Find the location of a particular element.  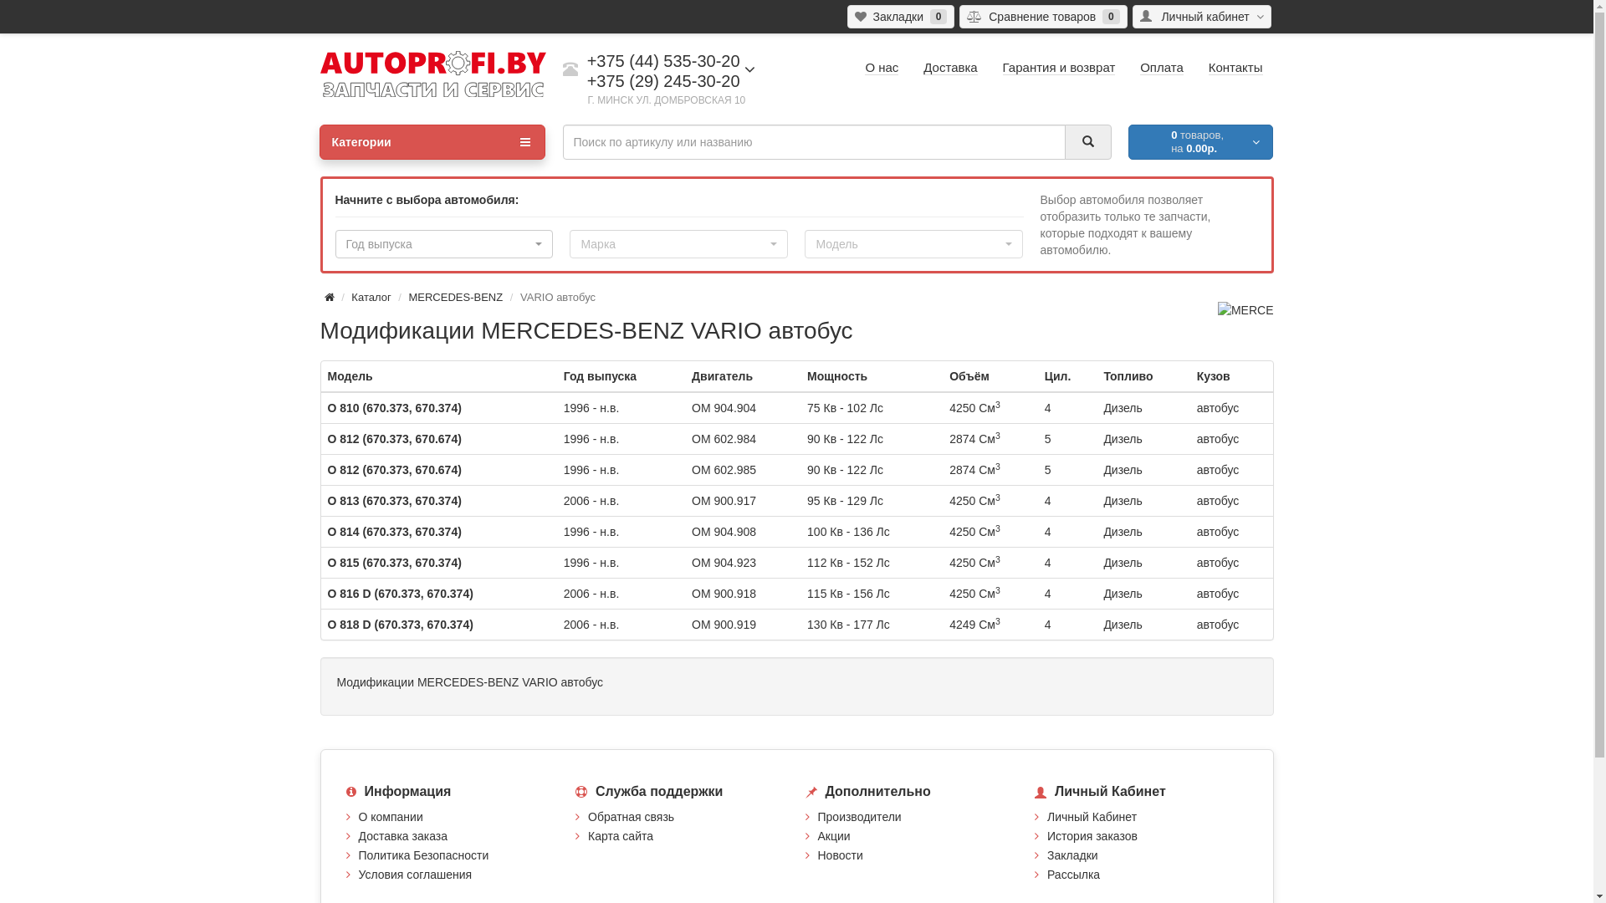

'O 812 (670.373, 670.674)' is located at coordinates (393, 437).